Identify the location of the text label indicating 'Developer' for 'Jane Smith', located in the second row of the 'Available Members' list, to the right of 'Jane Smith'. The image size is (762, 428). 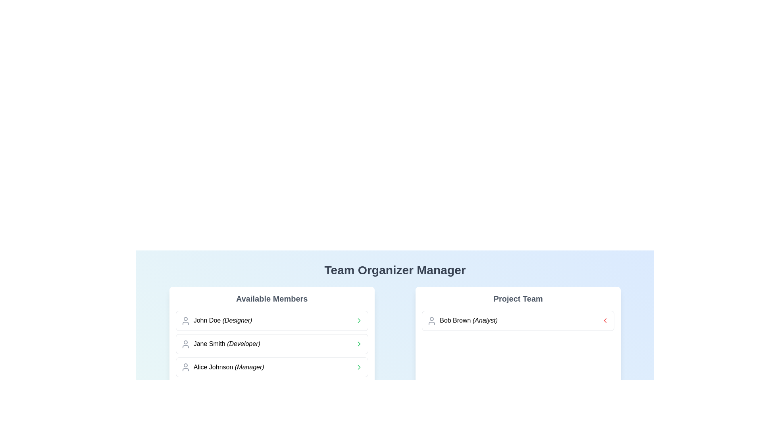
(243, 343).